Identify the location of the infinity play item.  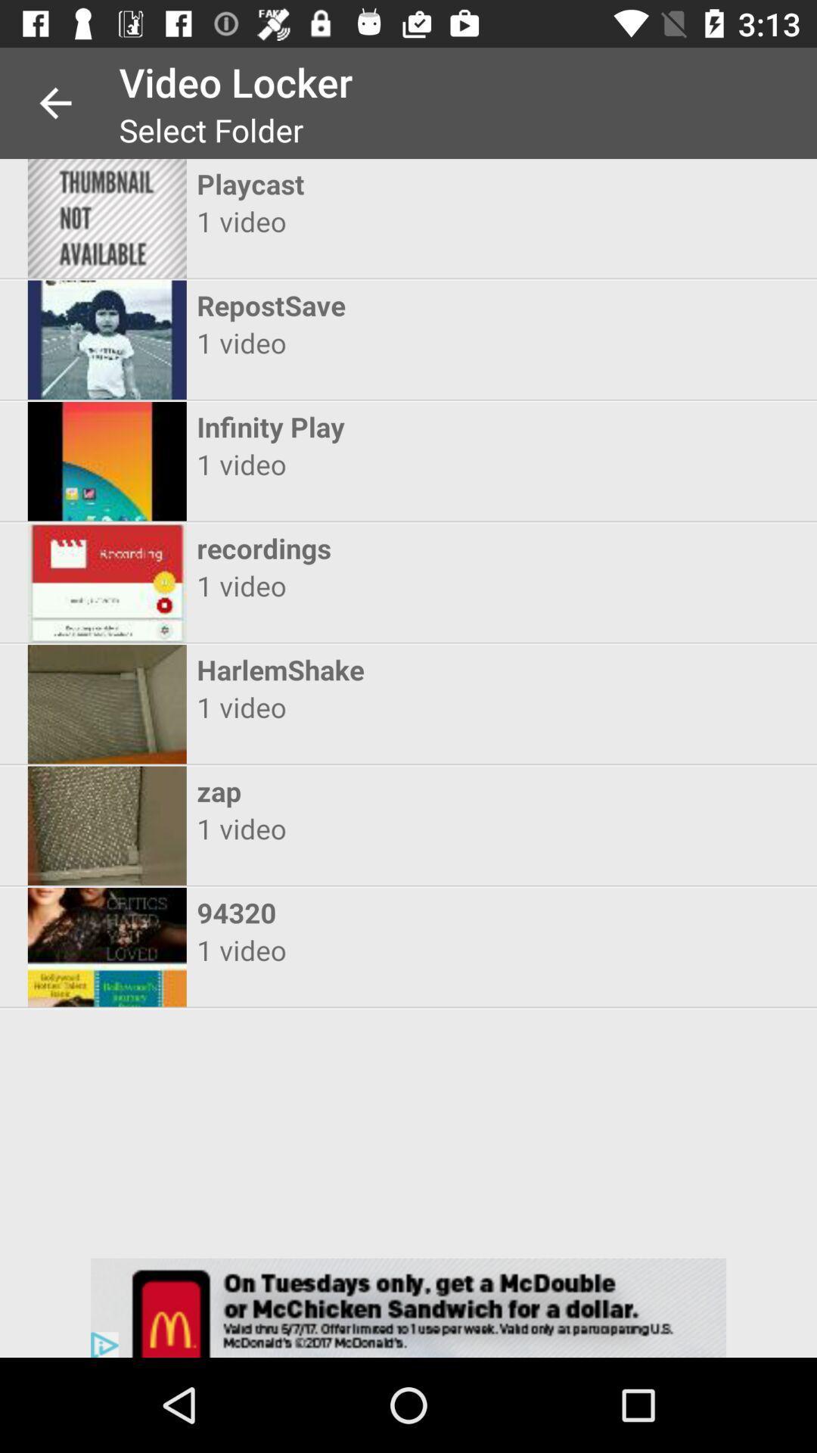
(394, 426).